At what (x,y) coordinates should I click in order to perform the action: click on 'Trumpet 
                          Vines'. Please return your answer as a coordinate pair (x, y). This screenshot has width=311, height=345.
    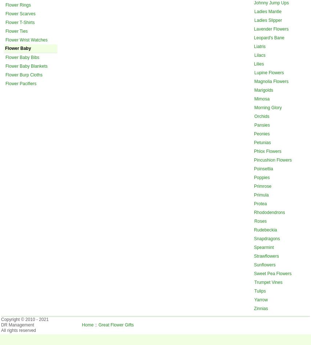
    Looking at the image, I should click on (268, 282).